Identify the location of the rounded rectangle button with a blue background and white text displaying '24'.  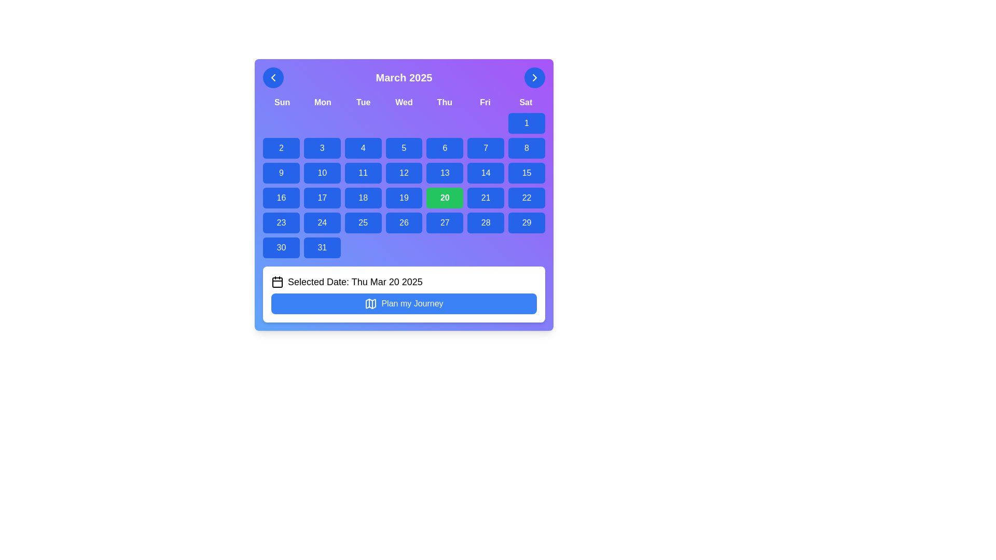
(322, 222).